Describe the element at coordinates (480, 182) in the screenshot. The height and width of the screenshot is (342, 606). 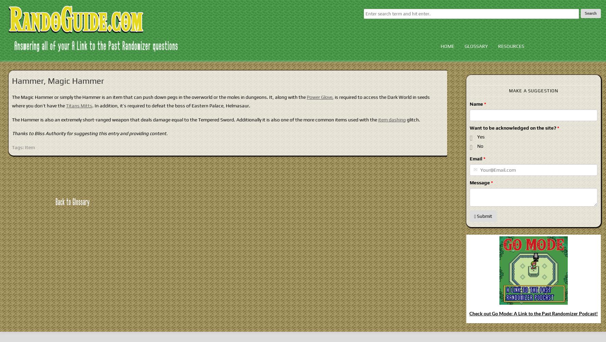
I see `'Message'` at that location.